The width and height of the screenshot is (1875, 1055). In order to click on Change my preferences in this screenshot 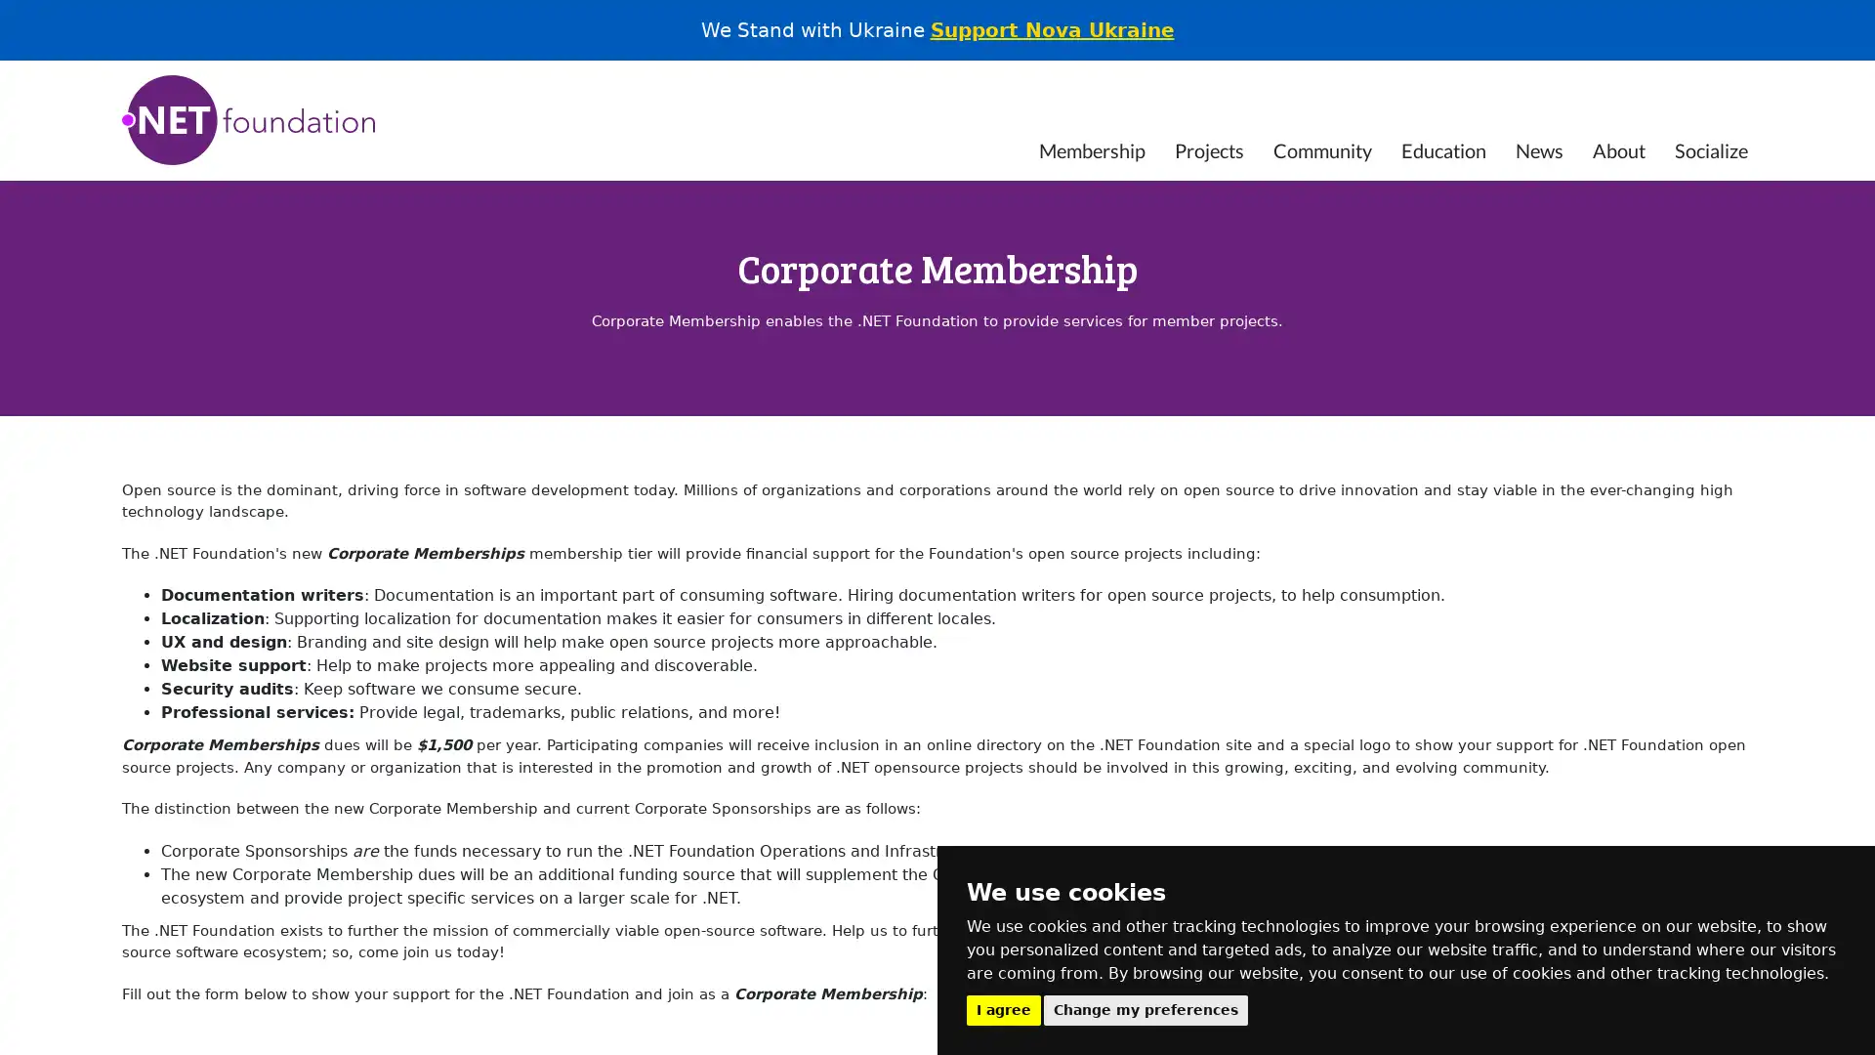, I will do `click(1145, 1010)`.